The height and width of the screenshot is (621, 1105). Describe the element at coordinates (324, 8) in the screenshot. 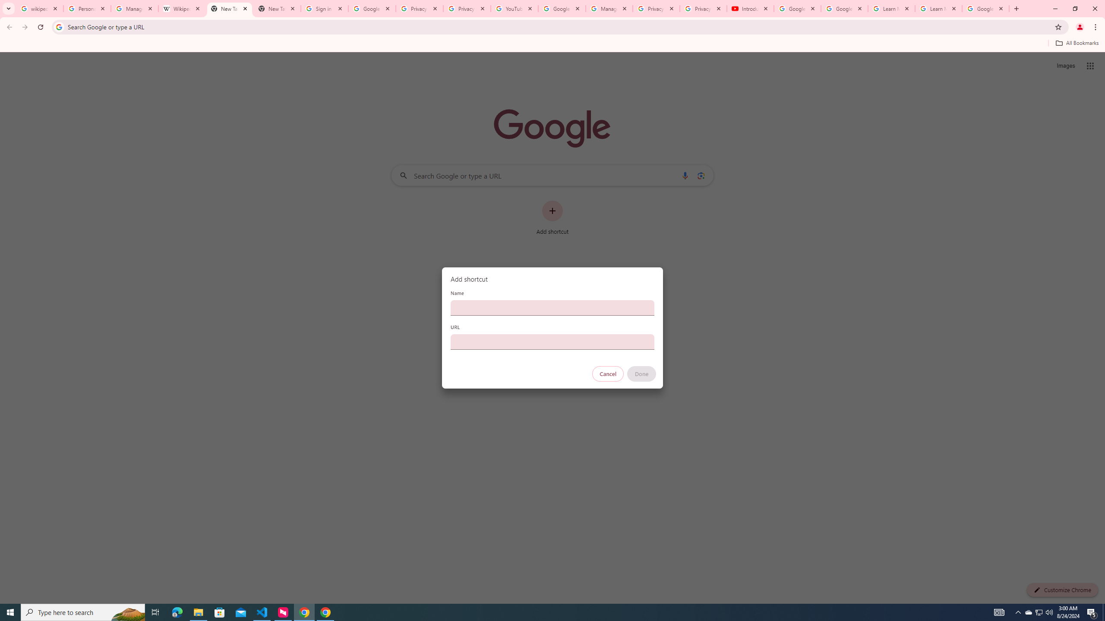

I see `'Sign in - Google Accounts'` at that location.